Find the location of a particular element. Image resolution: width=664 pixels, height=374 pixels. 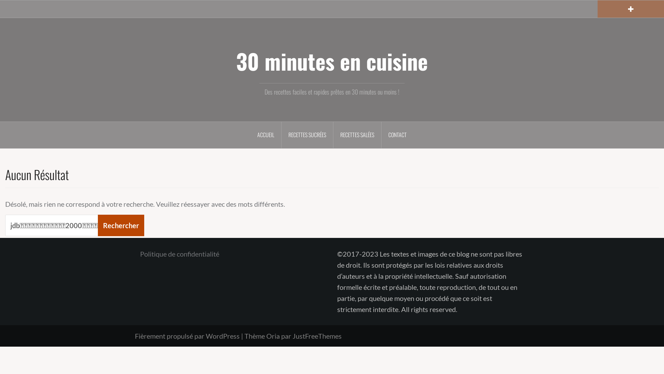

'Oria' is located at coordinates (266, 335).